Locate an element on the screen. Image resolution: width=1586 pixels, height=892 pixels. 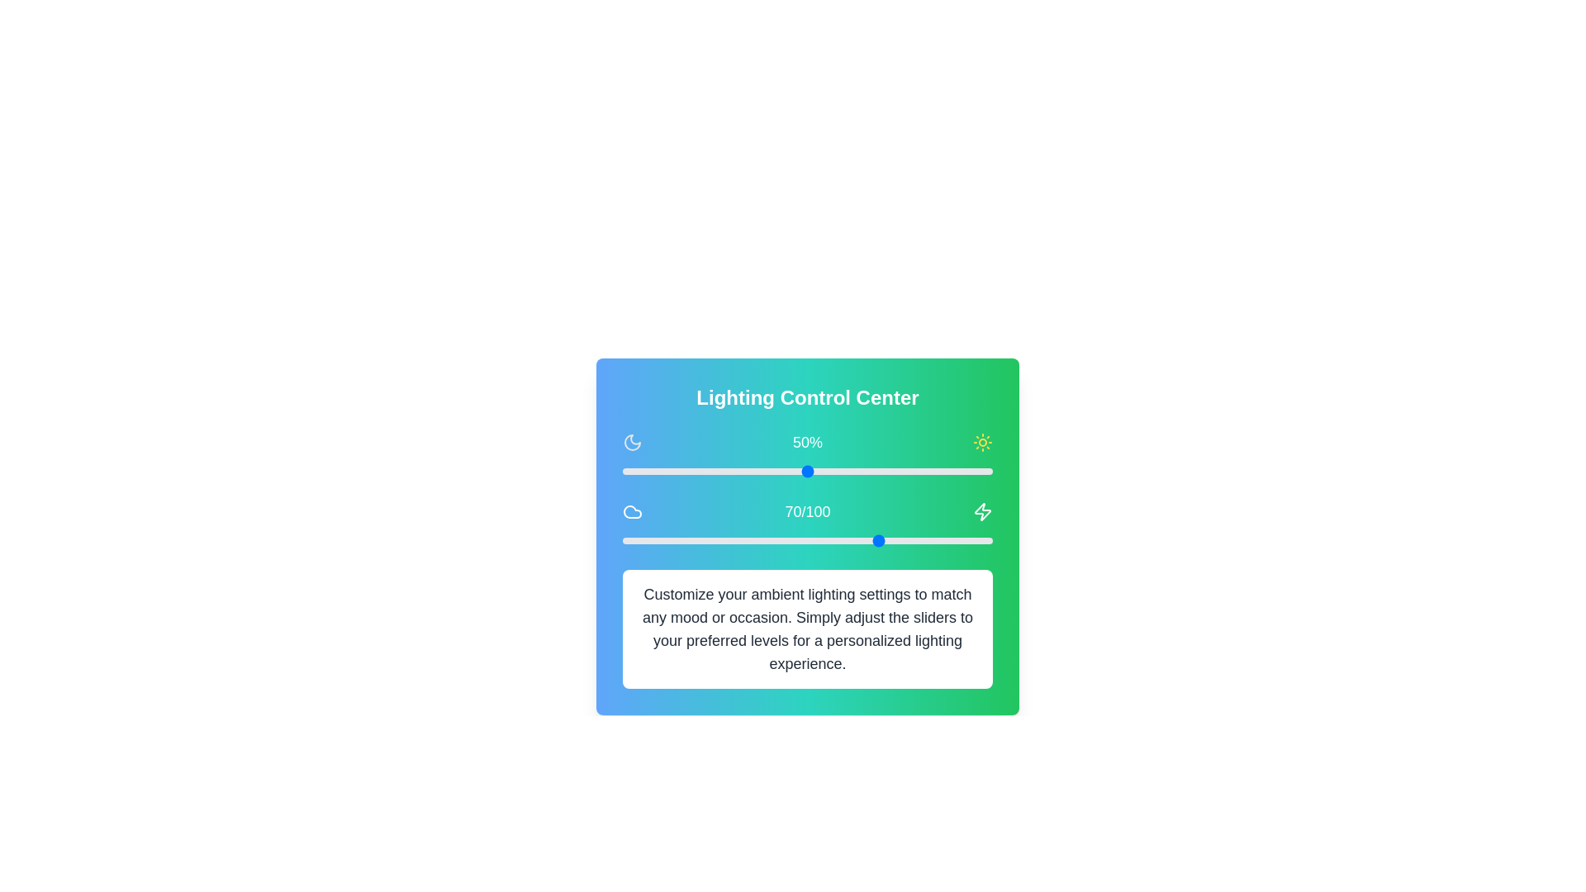
the slider to set the value to 88 is located at coordinates (948, 471).